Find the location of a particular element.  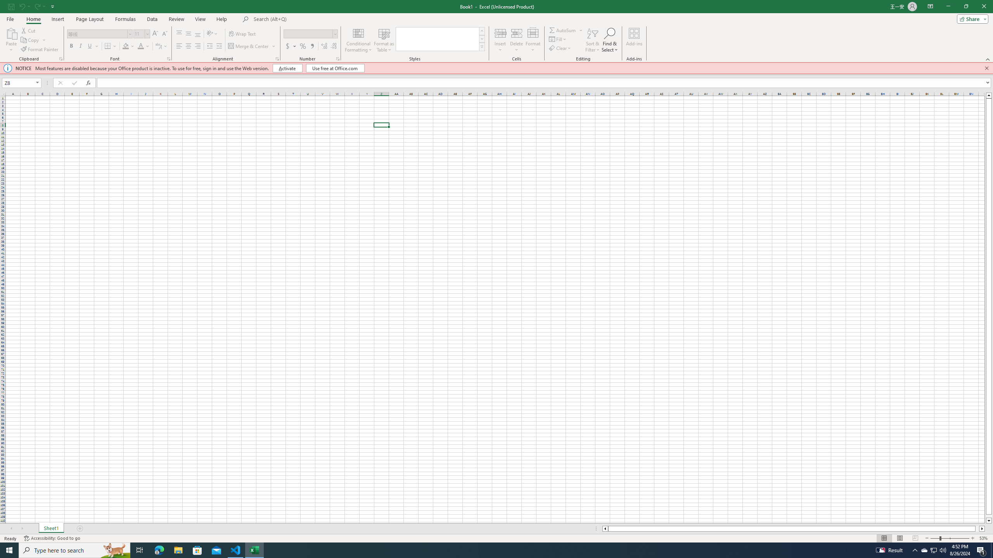

'Copy' is located at coordinates (33, 40).